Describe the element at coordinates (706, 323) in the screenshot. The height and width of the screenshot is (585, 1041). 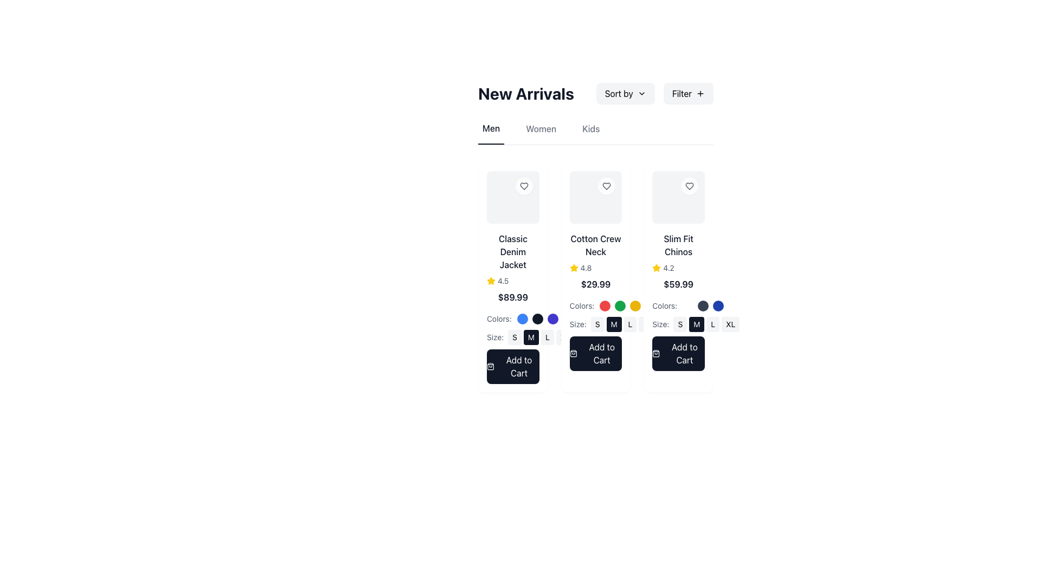
I see `the 'M' button in the Horizontal Button Group located below the 'Colors' section of the 'Slim Fit Chinos' product card` at that location.